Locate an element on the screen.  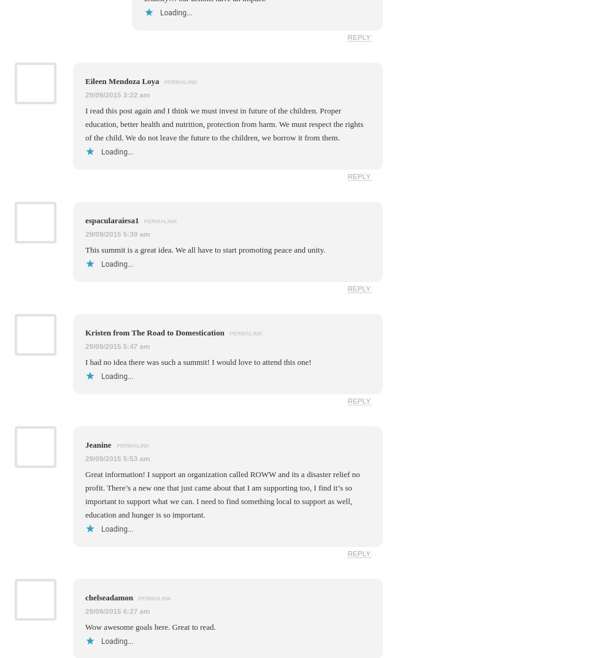
'espacularaiesa1' is located at coordinates (113, 219).